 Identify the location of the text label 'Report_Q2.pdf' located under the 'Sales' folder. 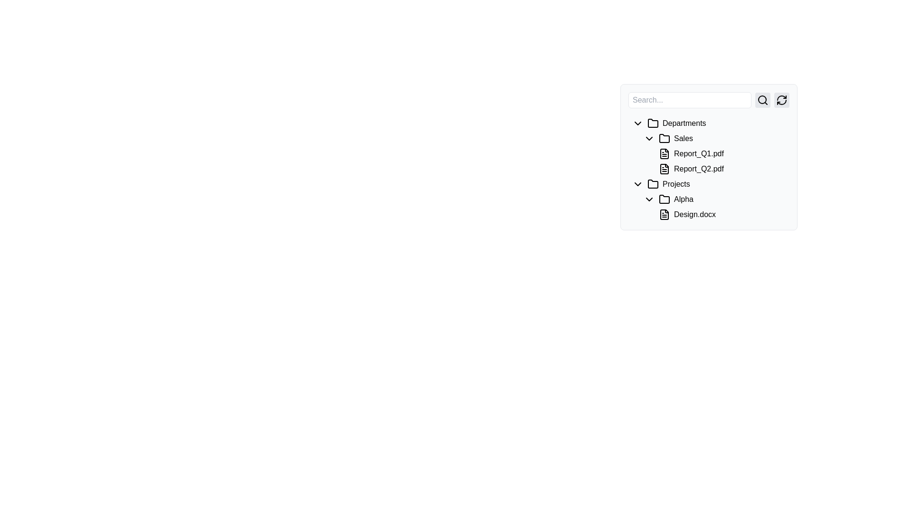
(709, 168).